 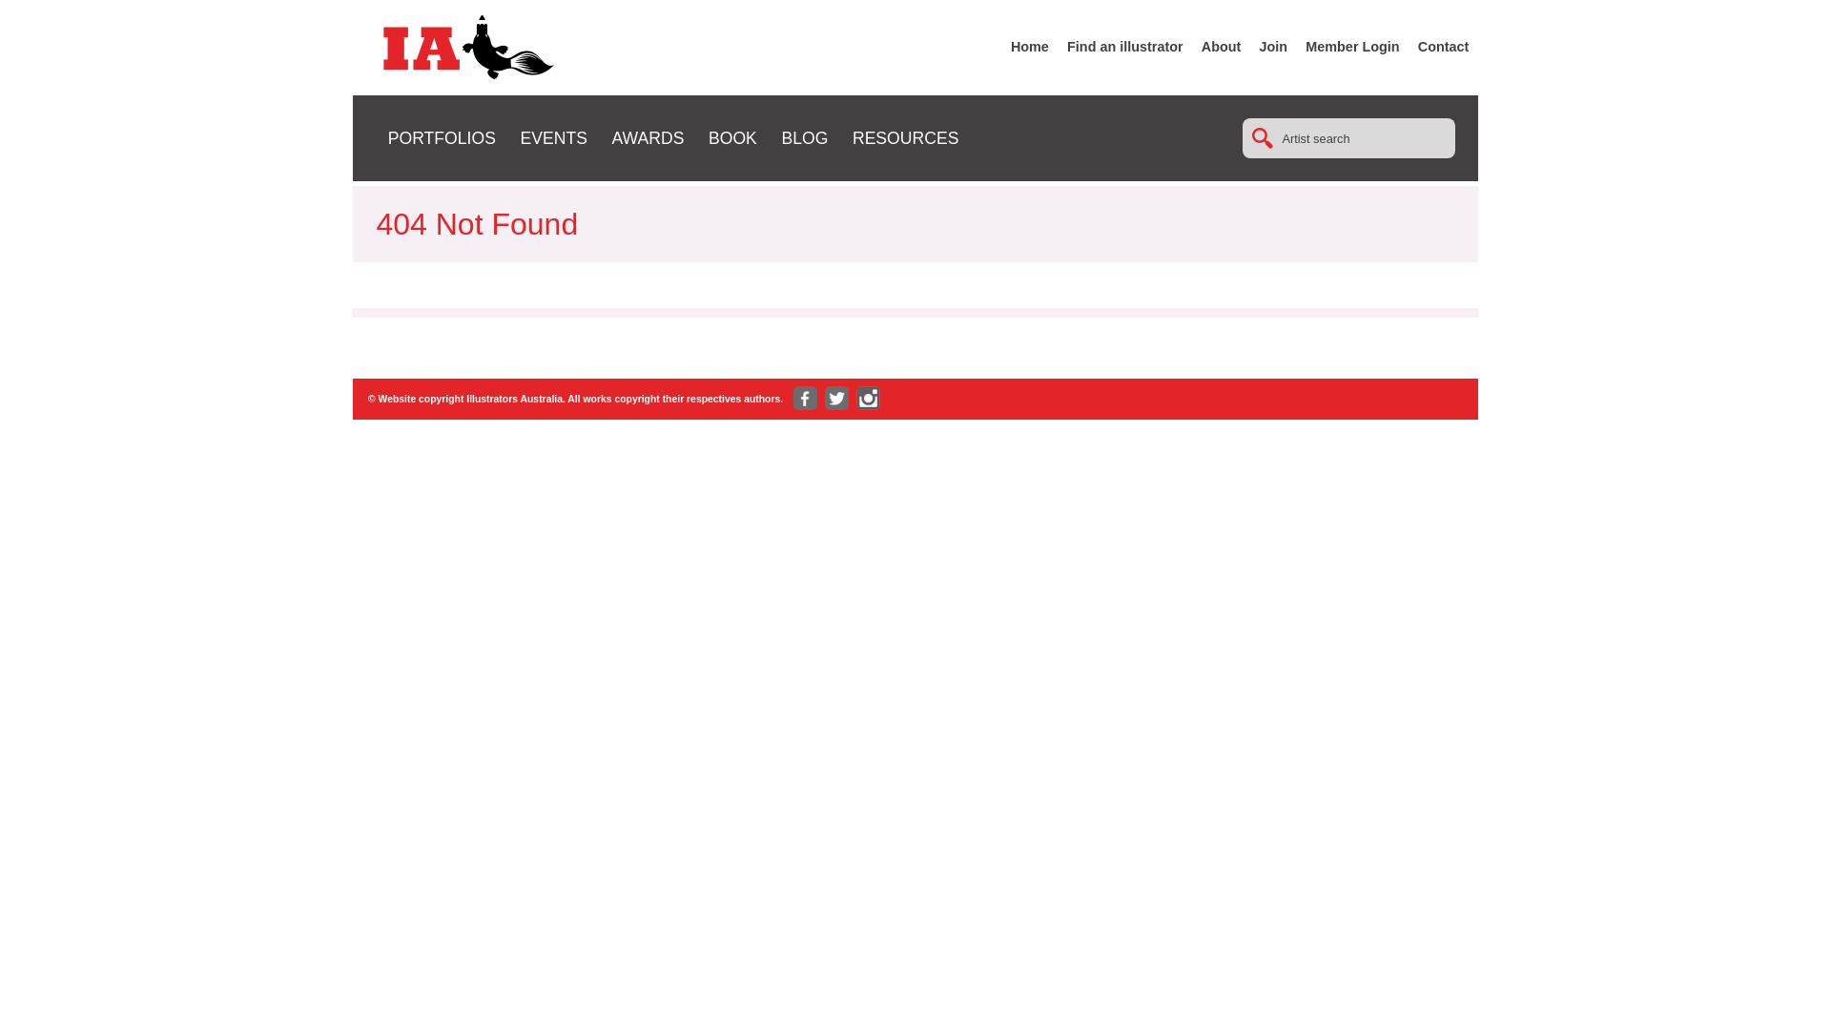 I want to click on 'About', so click(x=1222, y=46).